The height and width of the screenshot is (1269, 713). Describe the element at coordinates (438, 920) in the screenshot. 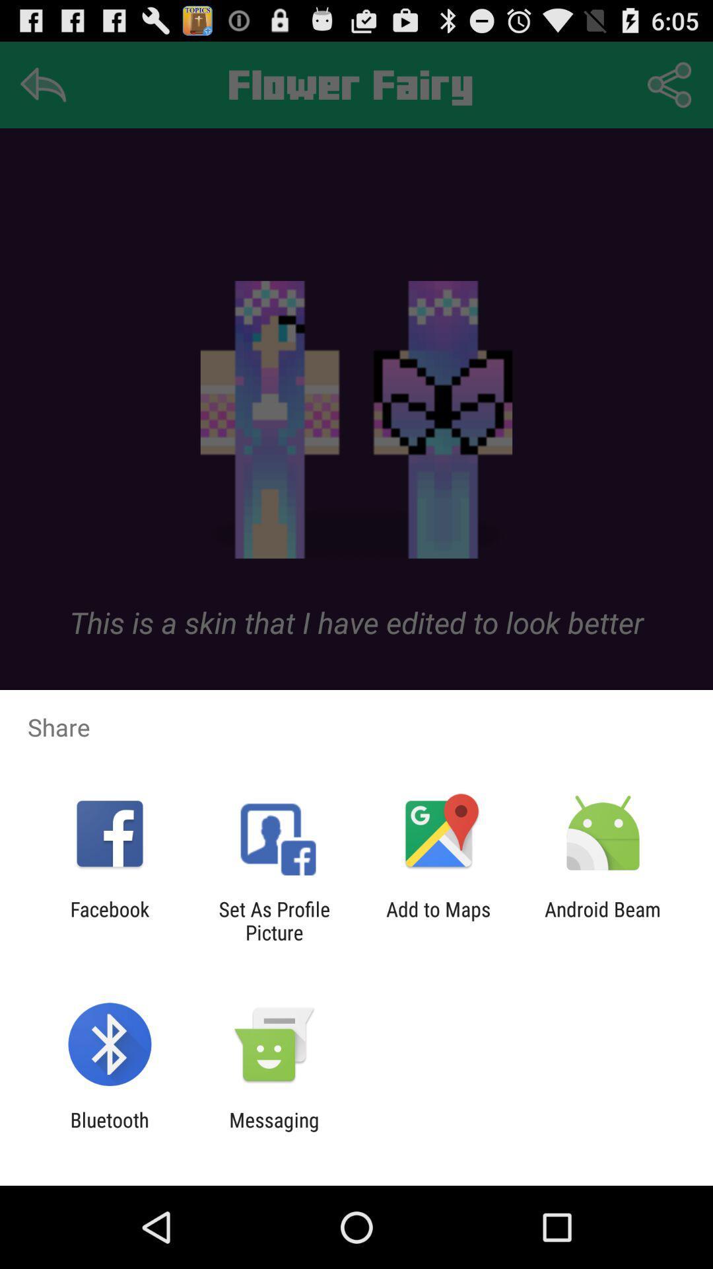

I see `the icon to the left of the android beam icon` at that location.